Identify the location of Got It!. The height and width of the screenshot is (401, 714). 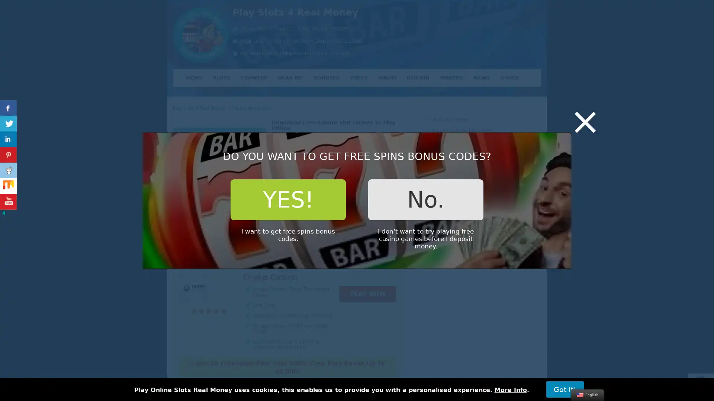
(565, 389).